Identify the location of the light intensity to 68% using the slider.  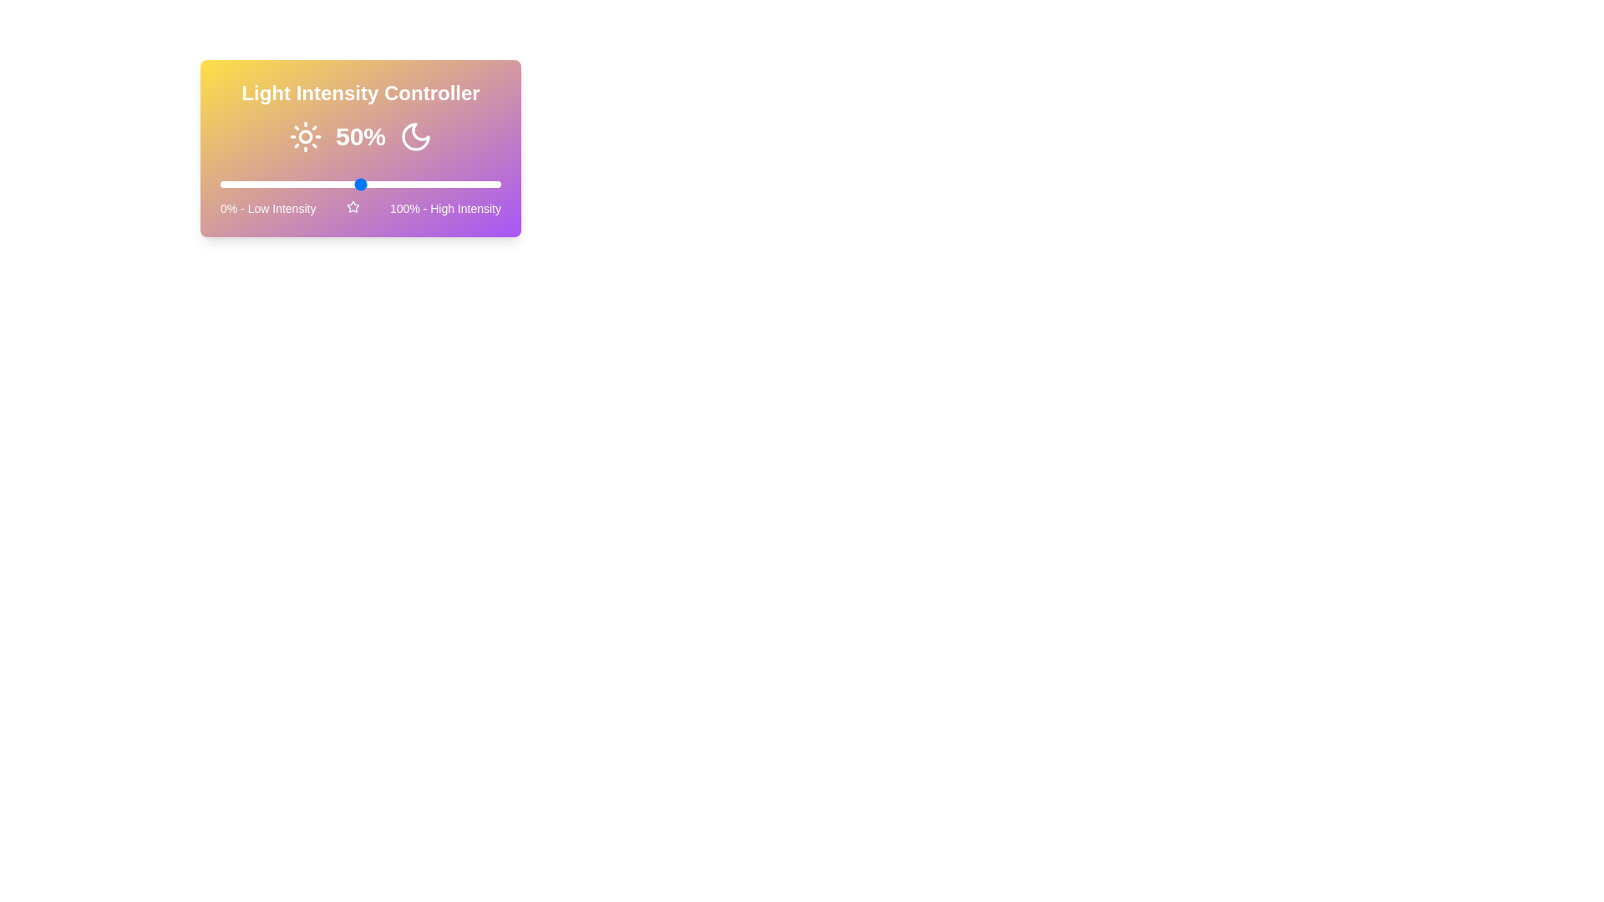
(411, 184).